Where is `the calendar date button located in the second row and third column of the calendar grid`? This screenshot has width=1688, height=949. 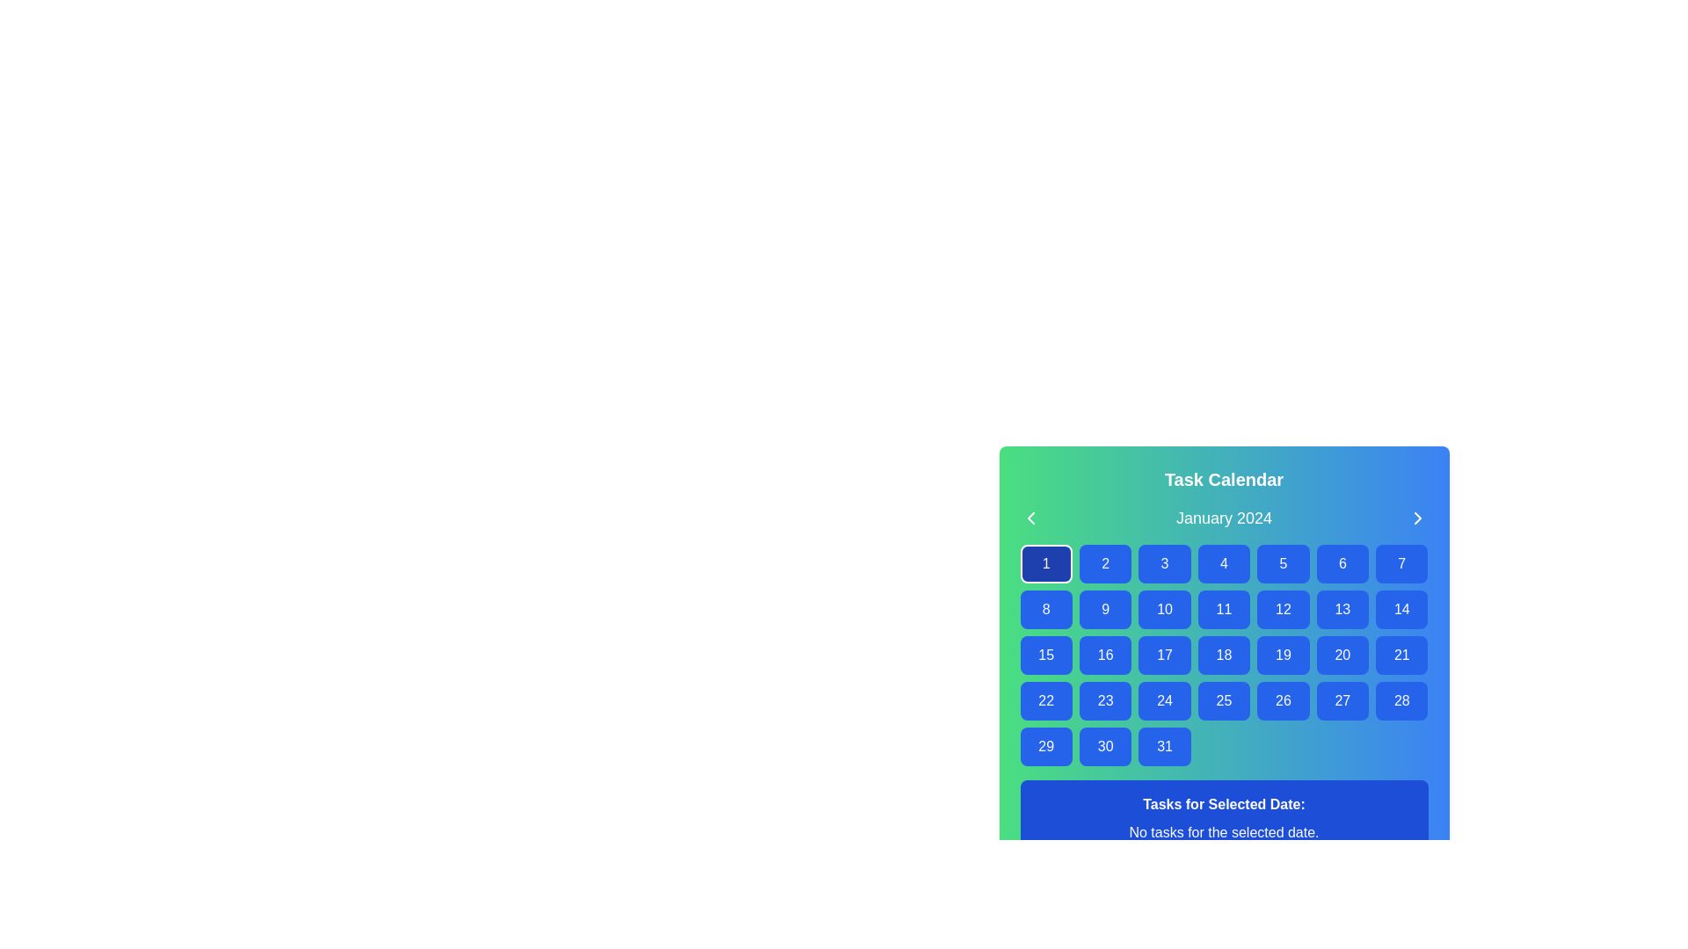
the calendar date button located in the second row and third column of the calendar grid is located at coordinates (1164, 609).